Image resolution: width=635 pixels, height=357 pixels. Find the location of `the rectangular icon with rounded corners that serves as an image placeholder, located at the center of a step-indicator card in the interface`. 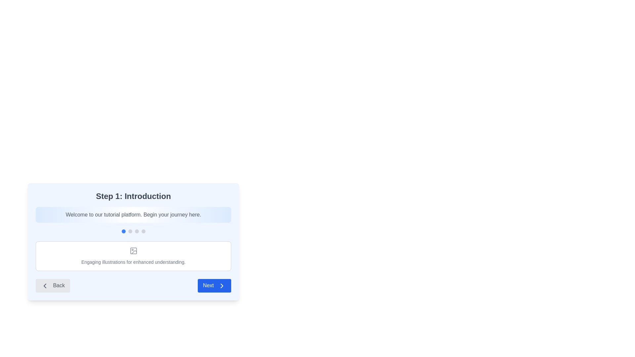

the rectangular icon with rounded corners that serves as an image placeholder, located at the center of a step-indicator card in the interface is located at coordinates (133, 251).